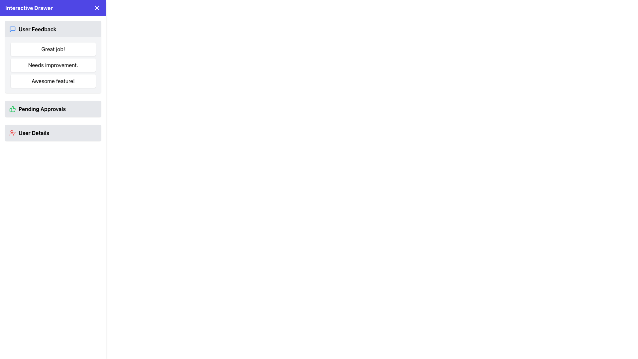  What do you see at coordinates (53, 133) in the screenshot?
I see `the 'User Details' text label, which has a gray background and a user profile icon with a checkmark styled in red, located in the sidebar below 'Pending Approvals'` at bounding box center [53, 133].